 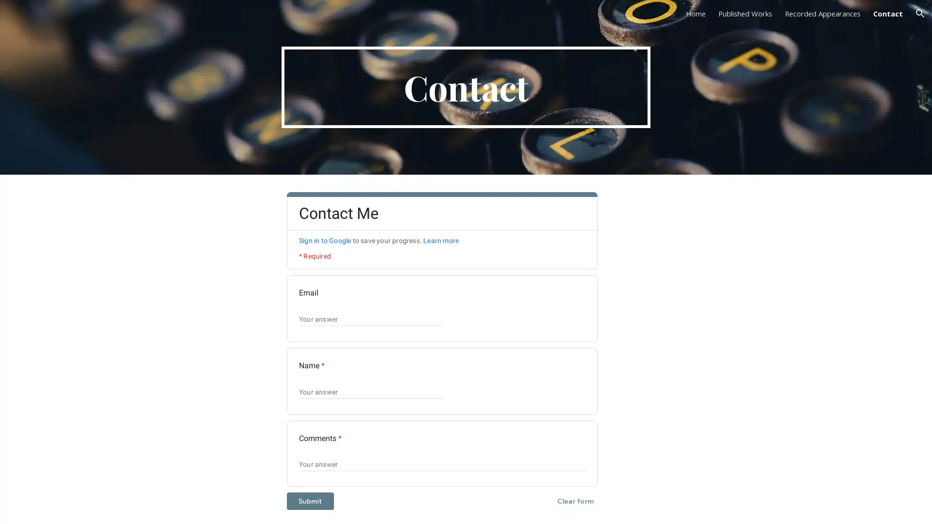 What do you see at coordinates (17, 507) in the screenshot?
I see `Site actions` at bounding box center [17, 507].